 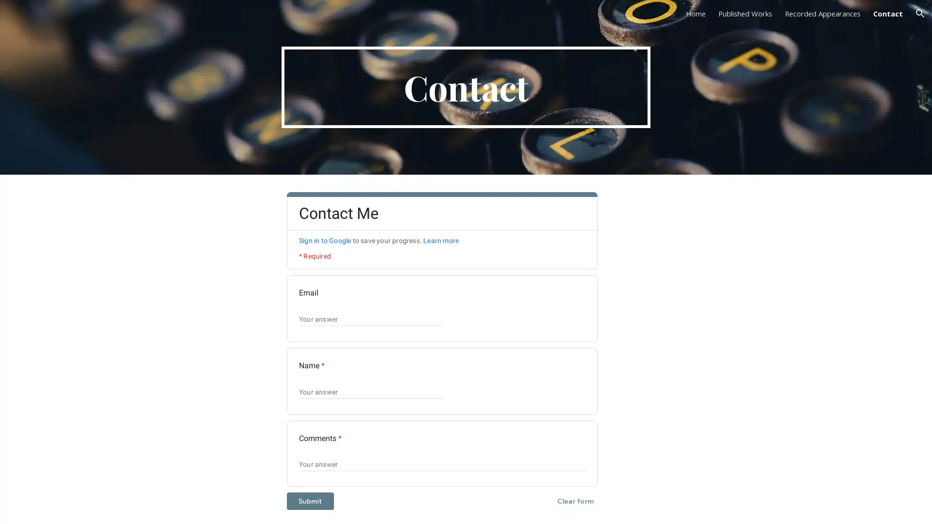 What do you see at coordinates (17, 507) in the screenshot?
I see `Site actions` at bounding box center [17, 507].